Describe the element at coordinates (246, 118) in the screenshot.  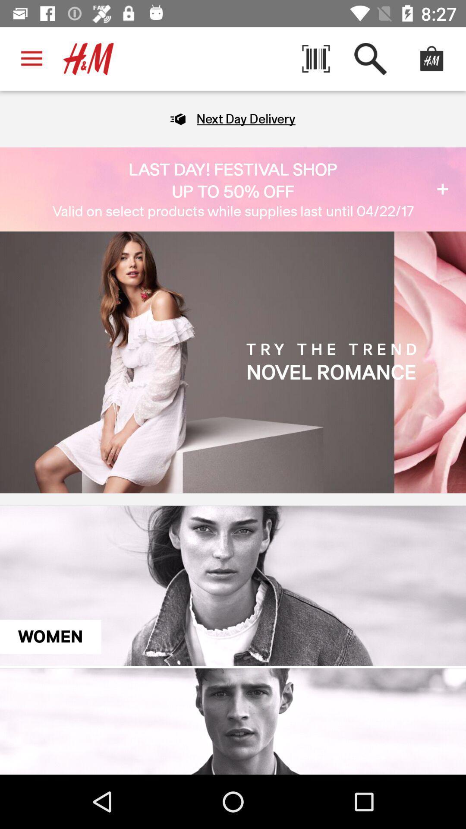
I see `next day delivery` at that location.